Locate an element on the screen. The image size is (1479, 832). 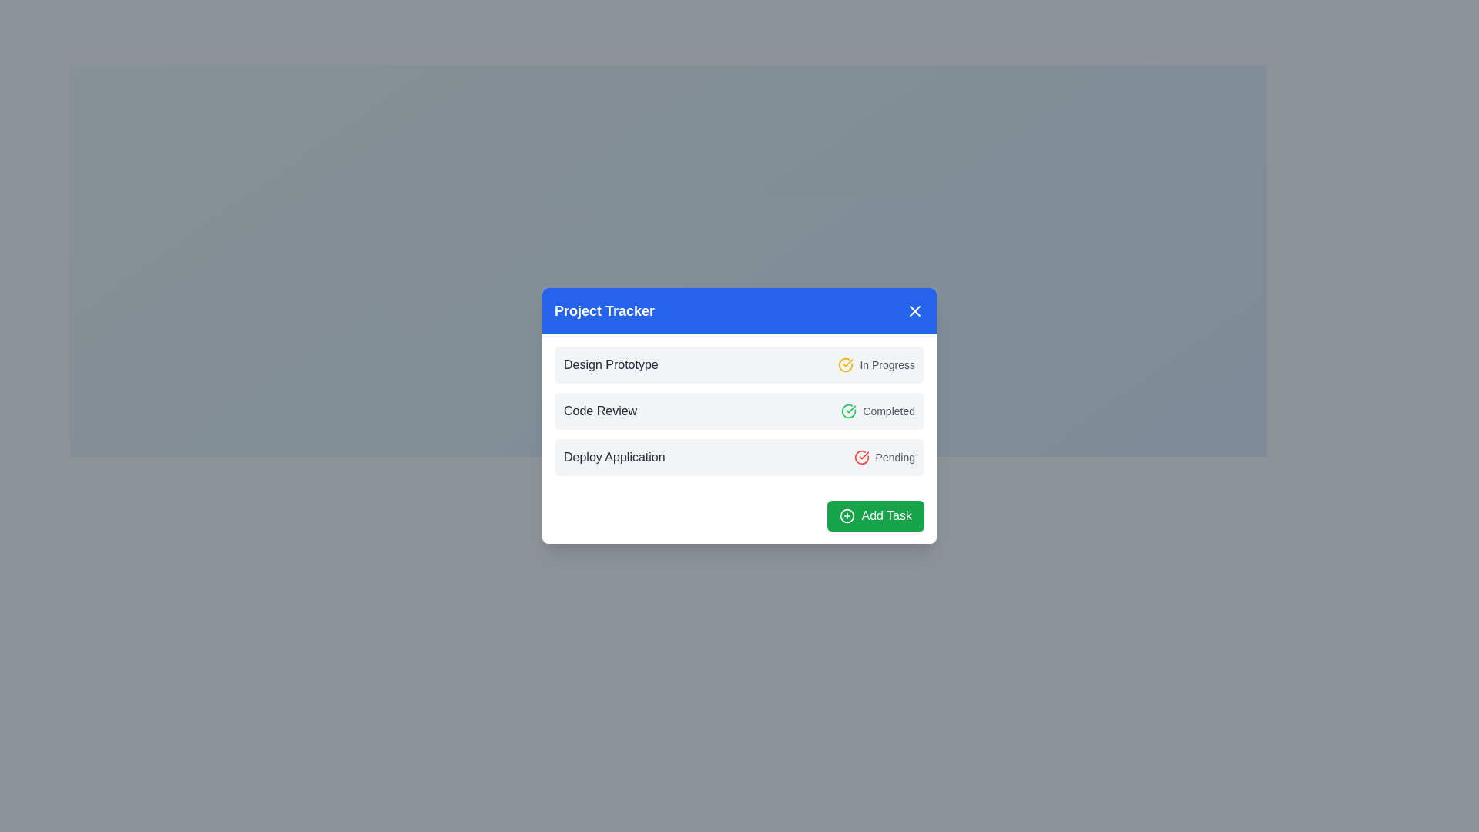
the completion status icon for the 'Code Review' task, located in the second row of the list next to the text 'Code Review' in the 'Completed' section is located at coordinates (848, 410).